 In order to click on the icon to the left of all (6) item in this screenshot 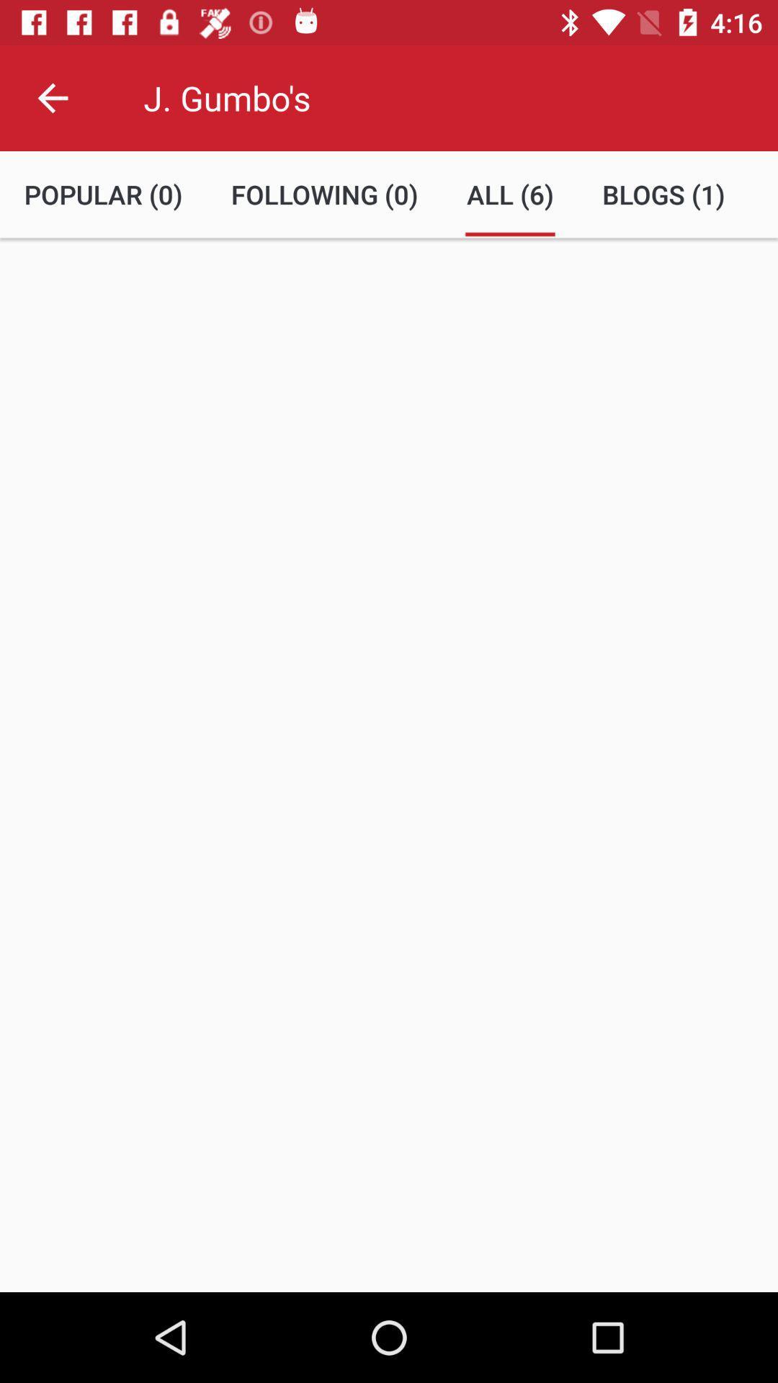, I will do `click(324, 194)`.